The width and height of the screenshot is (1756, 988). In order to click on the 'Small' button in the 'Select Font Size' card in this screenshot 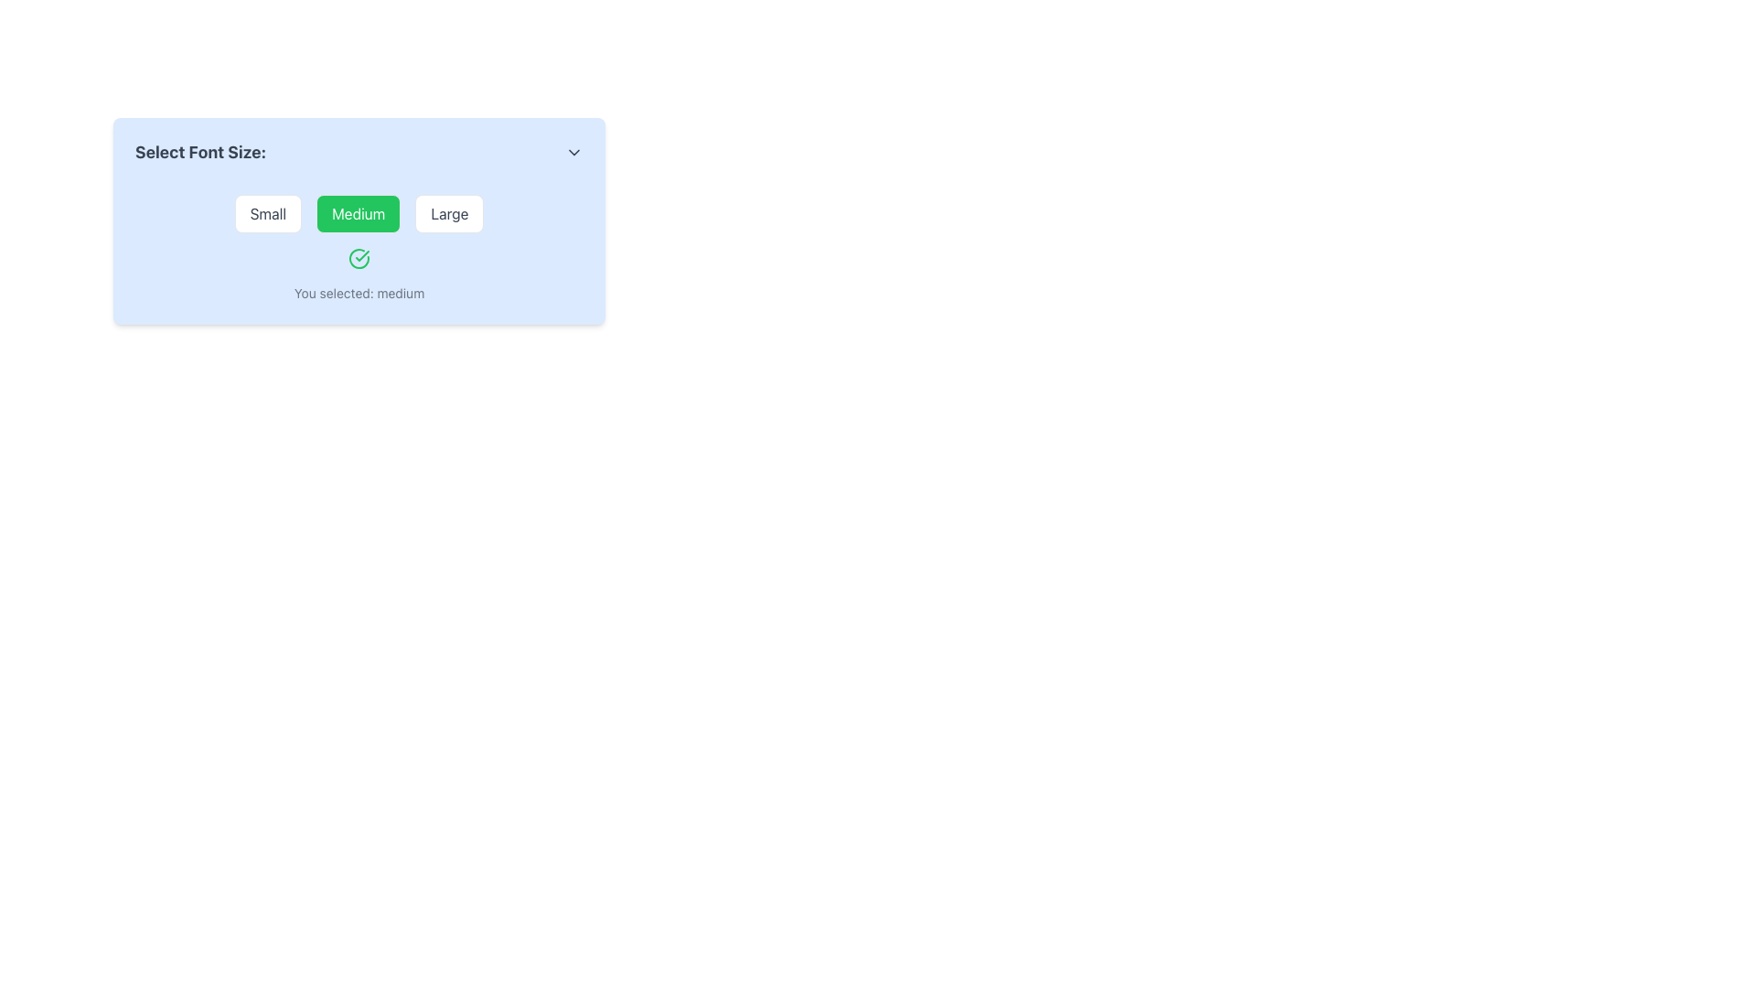, I will do `click(266, 213)`.